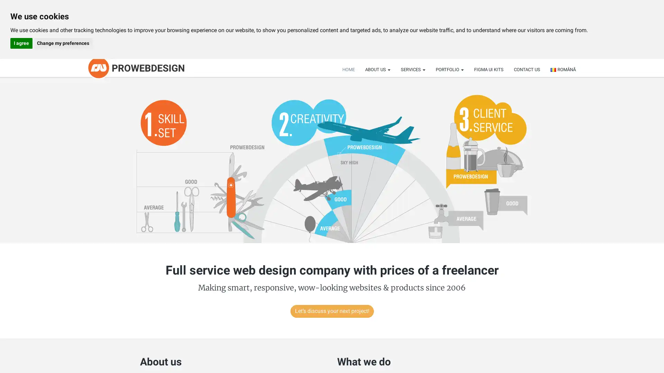 The height and width of the screenshot is (373, 664). What do you see at coordinates (63, 43) in the screenshot?
I see `Change my preferences` at bounding box center [63, 43].